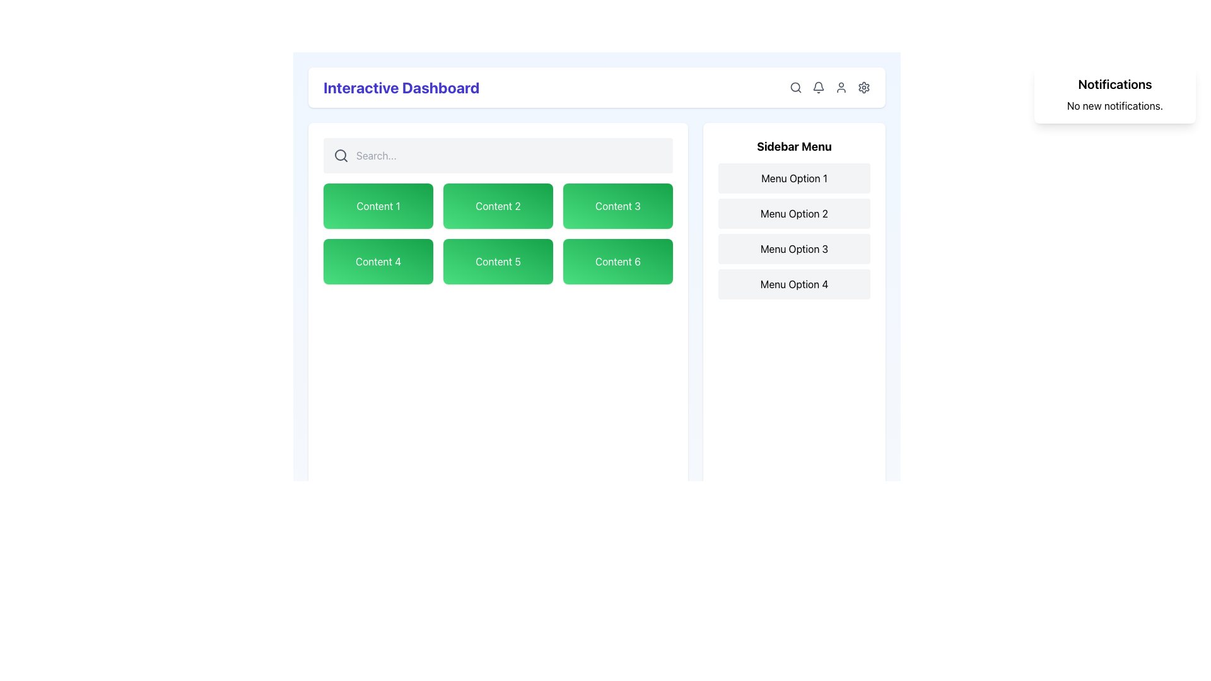  I want to click on the 'Menu Option 1' button in the sidebar menu, so click(793, 178).